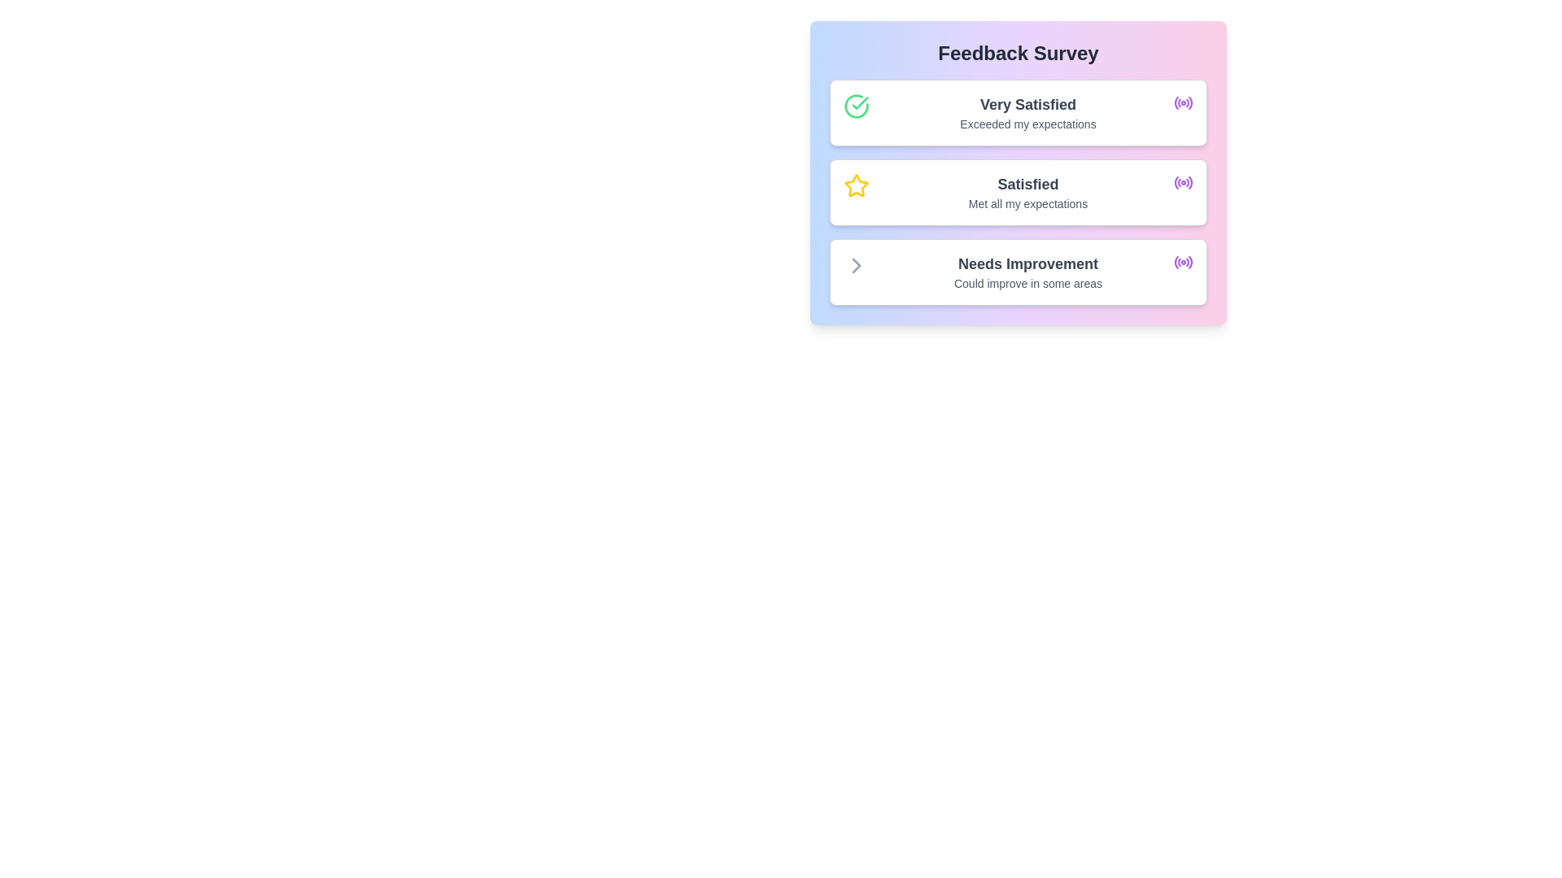 Image resolution: width=1562 pixels, height=878 pixels. What do you see at coordinates (1018, 172) in the screenshot?
I see `the 'Satisfied' option card in the feedback survey` at bounding box center [1018, 172].